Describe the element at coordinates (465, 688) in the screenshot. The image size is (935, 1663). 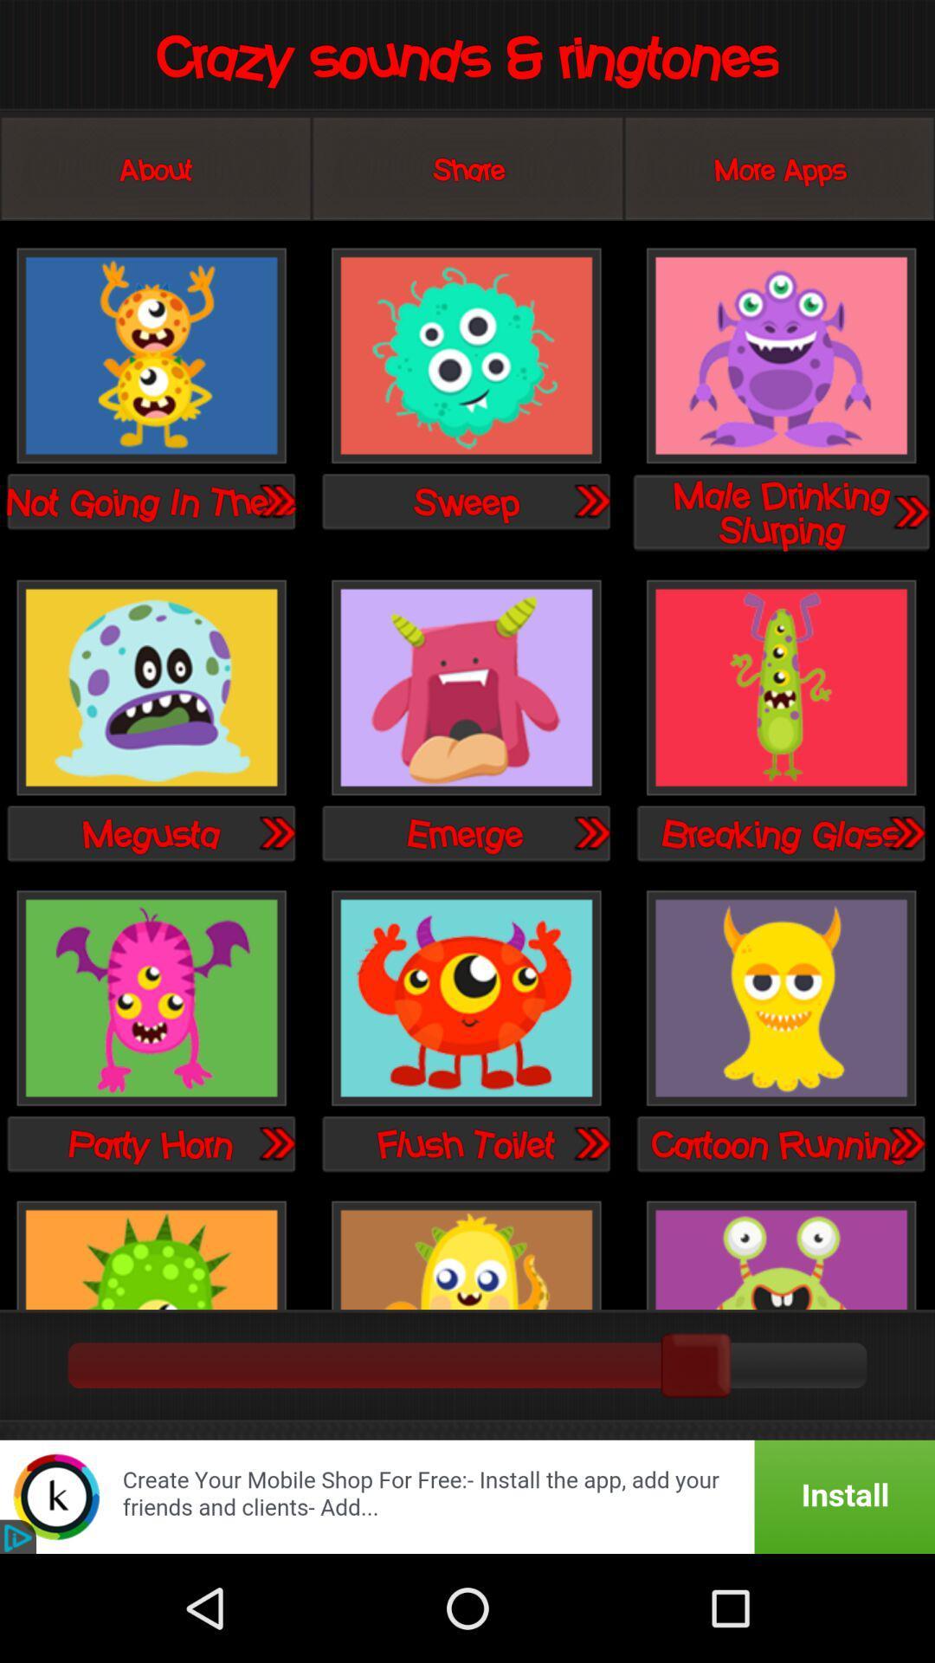
I see `emerge sound` at that location.